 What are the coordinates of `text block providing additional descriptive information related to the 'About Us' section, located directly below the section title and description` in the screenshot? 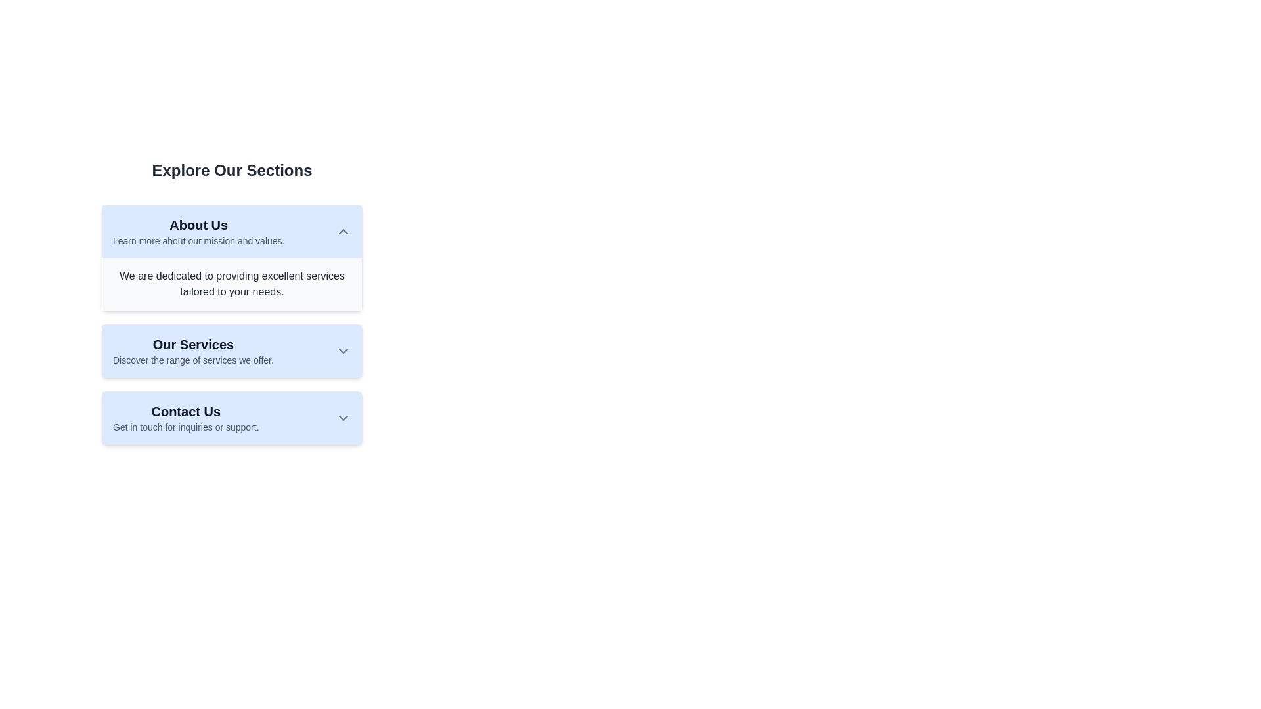 It's located at (232, 283).